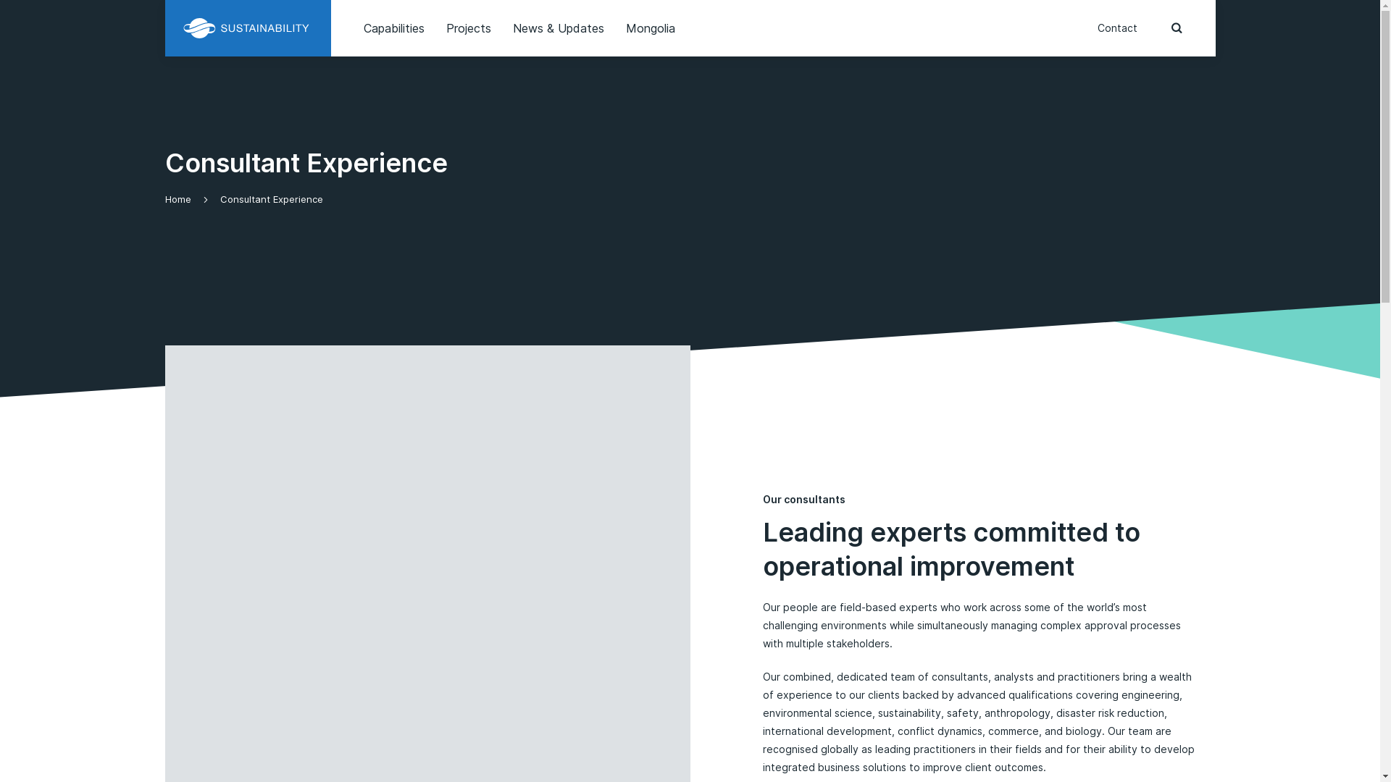  What do you see at coordinates (649, 28) in the screenshot?
I see `'Mongolia'` at bounding box center [649, 28].